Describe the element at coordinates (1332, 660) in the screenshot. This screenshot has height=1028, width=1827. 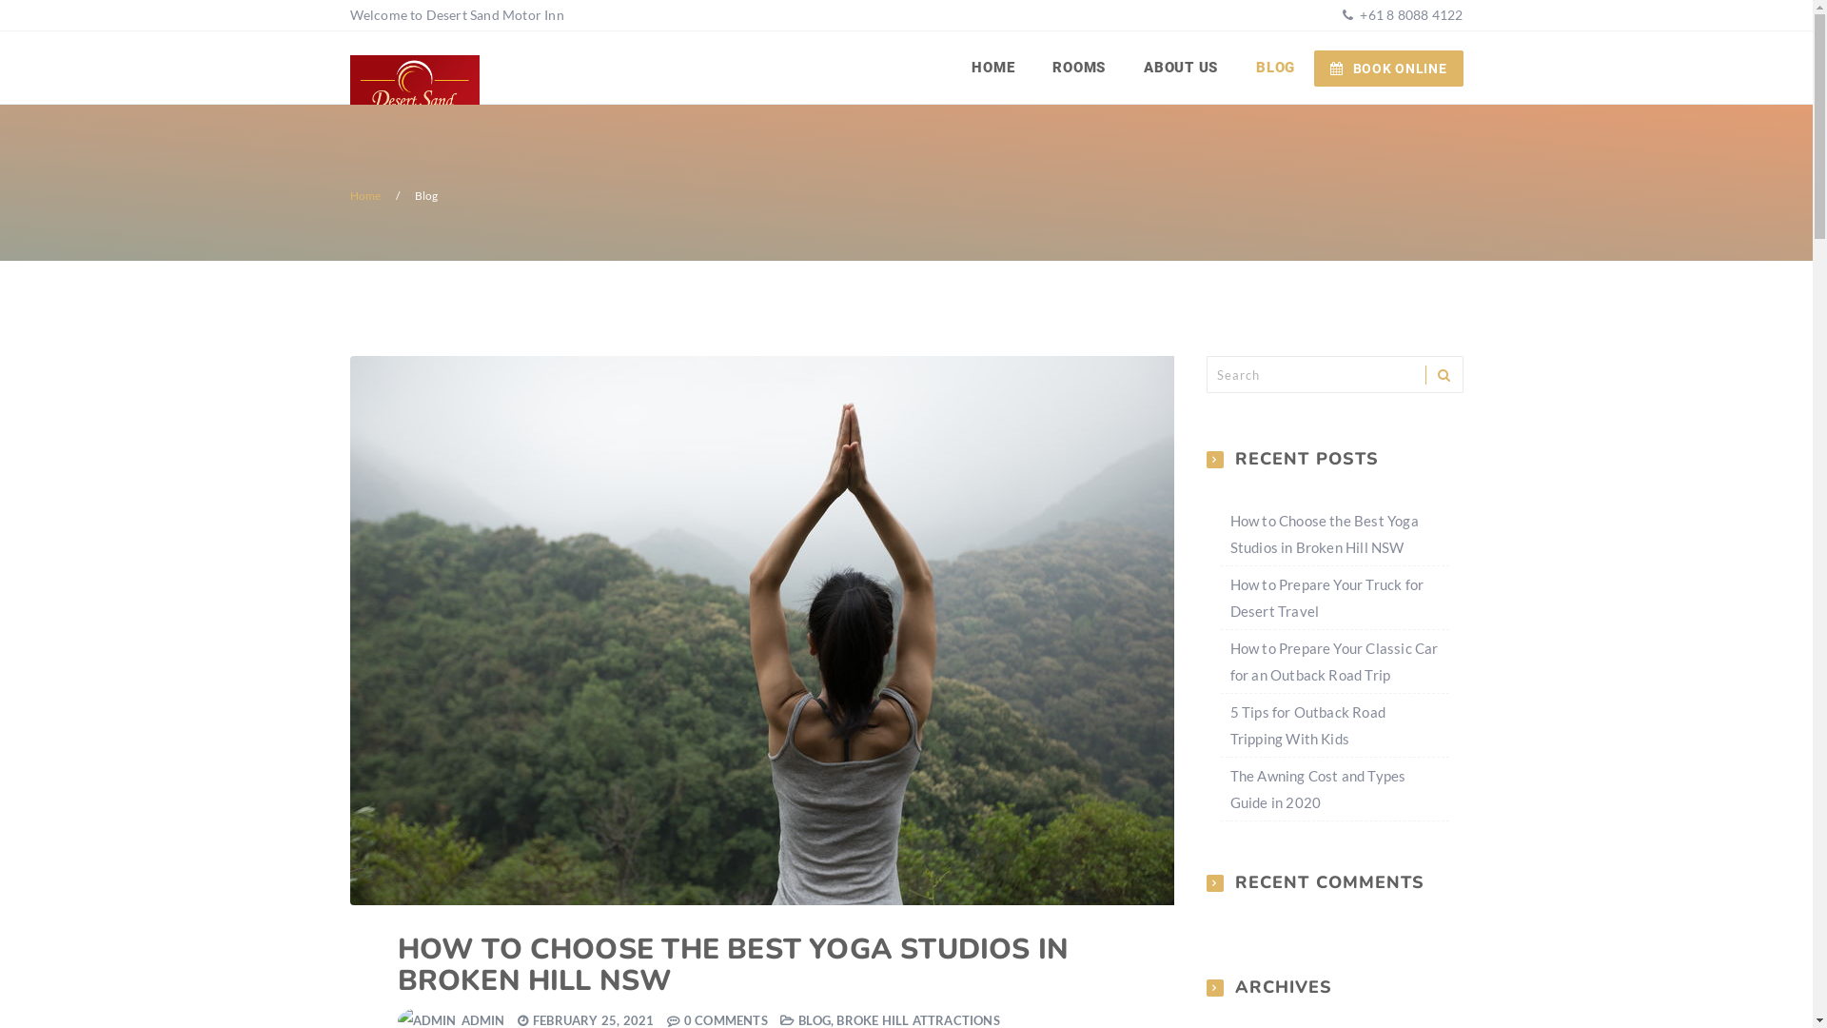
I see `'How to Prepare Your Classic Car for an Outback Road Trip'` at that location.